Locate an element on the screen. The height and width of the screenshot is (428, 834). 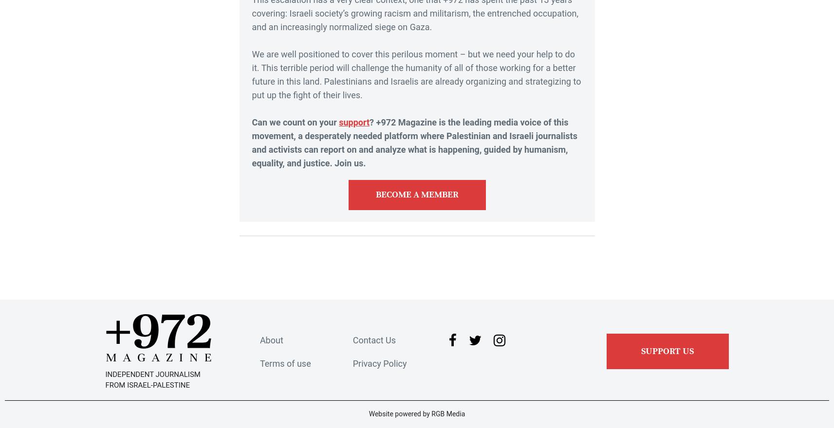
'Contact Us' is located at coordinates (373, 340).